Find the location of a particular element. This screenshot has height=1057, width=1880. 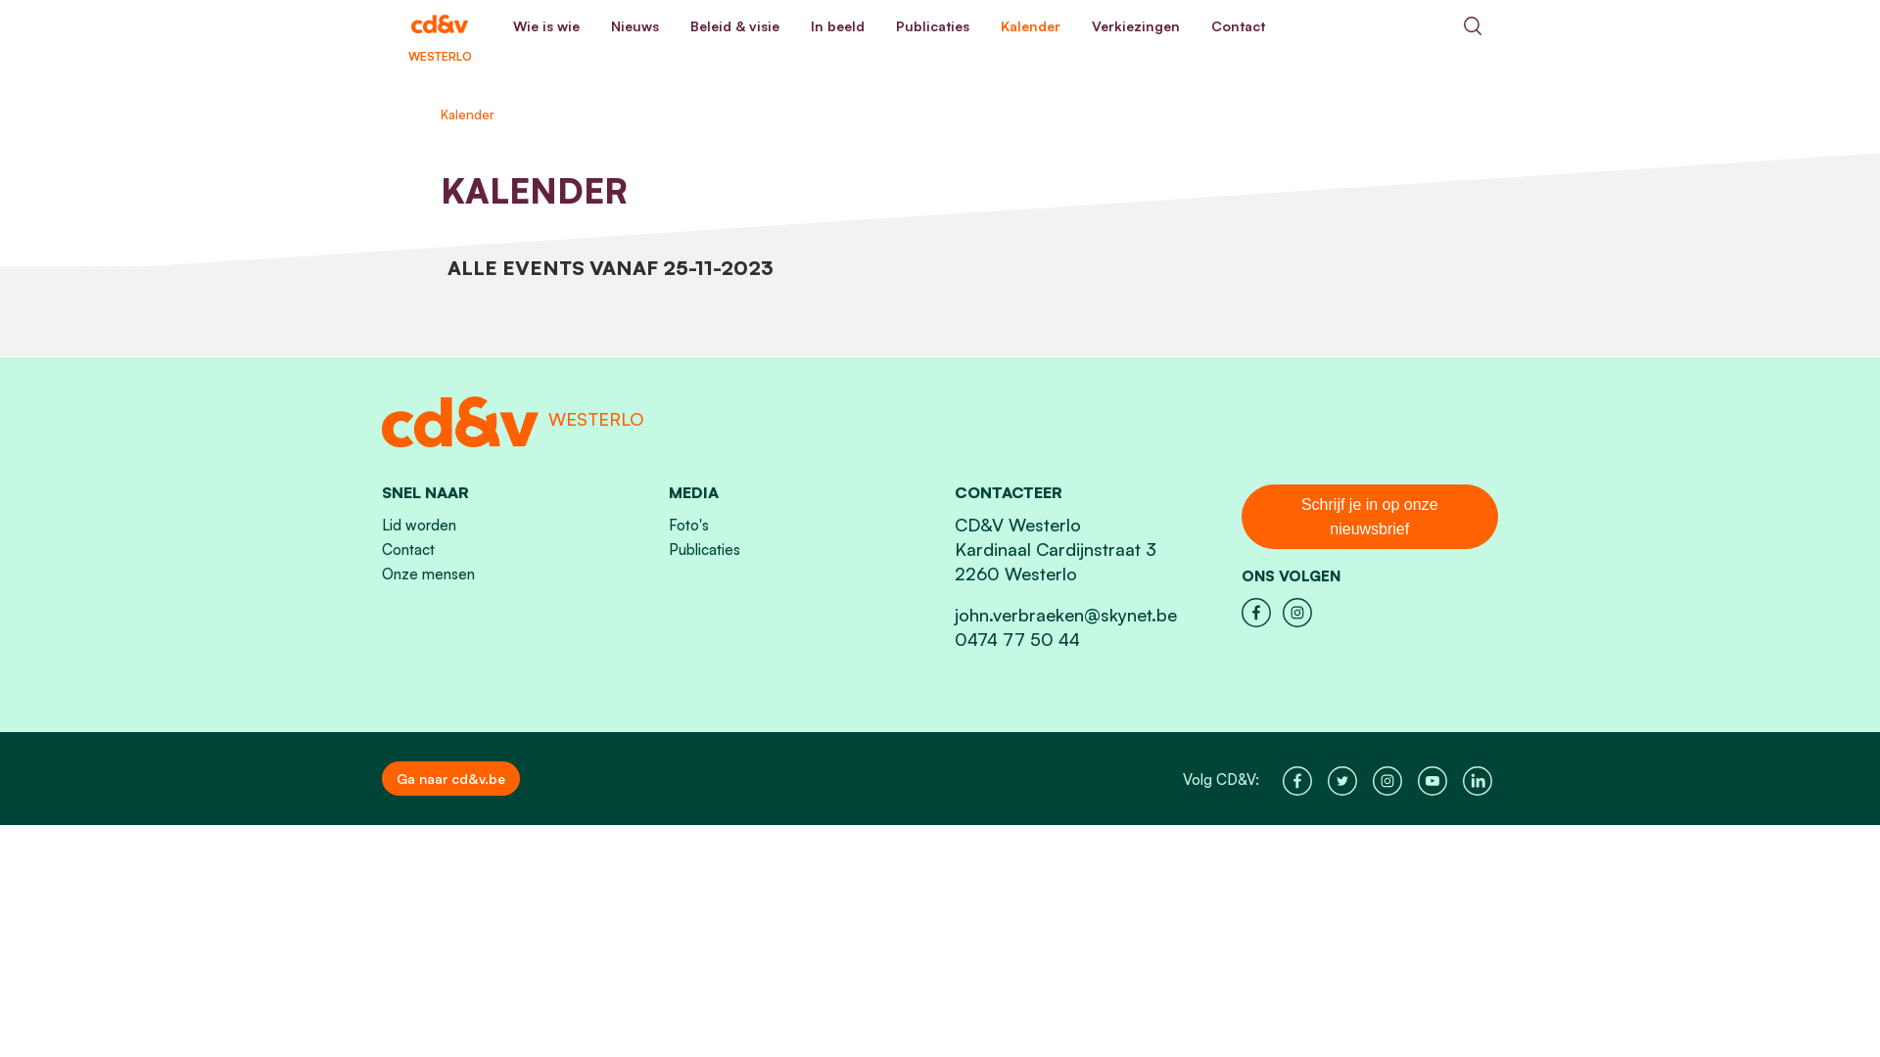

'Nieuws' is located at coordinates (634, 26).